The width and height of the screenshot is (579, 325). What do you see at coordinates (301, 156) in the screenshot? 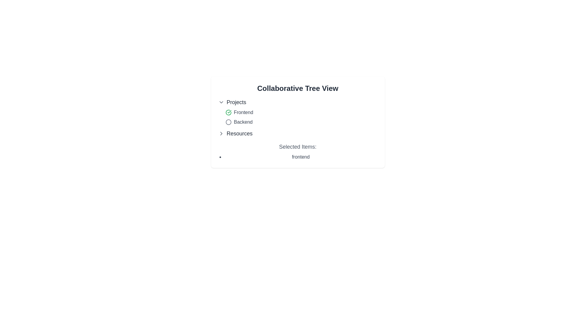
I see `the text 'frontend' which is part of a bulleted list under the heading 'Selected Items:'` at bounding box center [301, 156].